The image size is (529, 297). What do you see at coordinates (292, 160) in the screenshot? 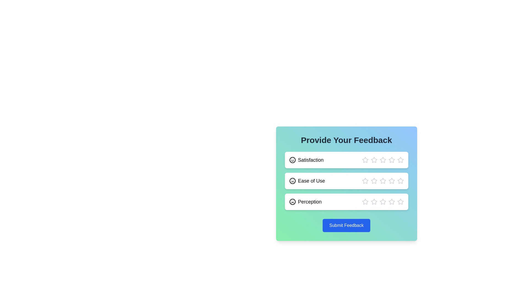
I see `the icon next to the category 'Satisfaction'` at bounding box center [292, 160].